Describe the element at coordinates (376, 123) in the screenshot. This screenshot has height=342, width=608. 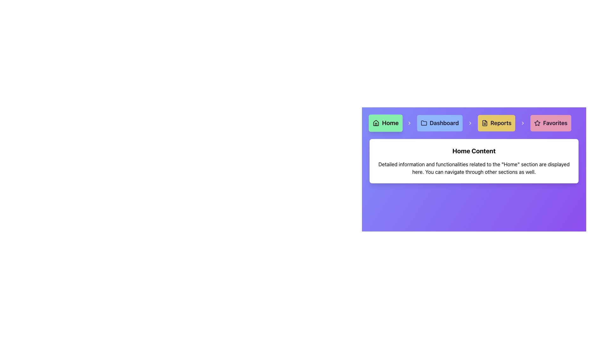
I see `the small house icon located inside the green rectangular button labeled 'Home' in the top center navigation menu` at that location.